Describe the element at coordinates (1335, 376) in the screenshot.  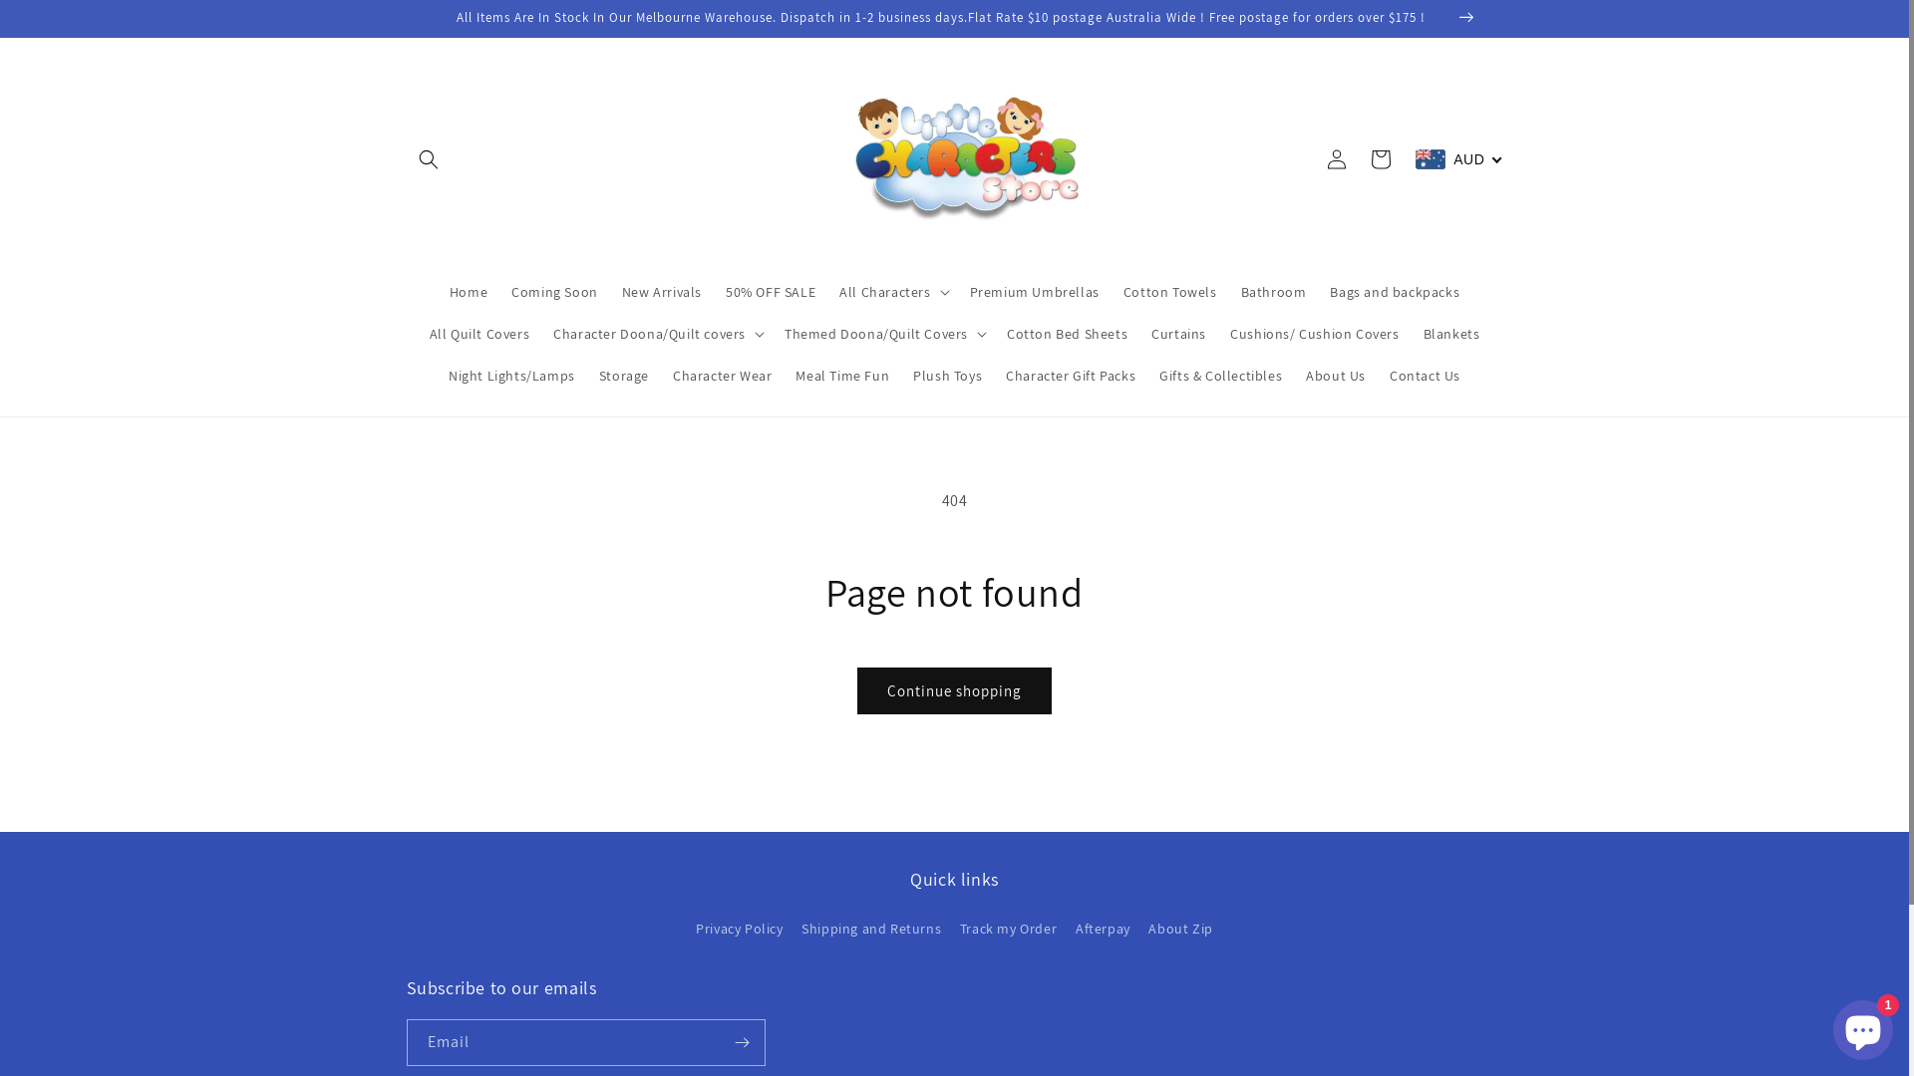
I see `'About Us'` at that location.